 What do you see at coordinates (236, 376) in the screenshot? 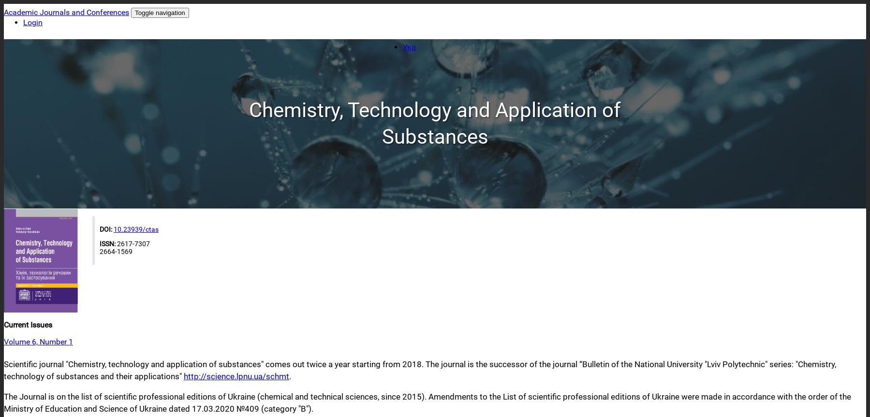
I see `'http://science.lpnu.ua/schmt'` at bounding box center [236, 376].